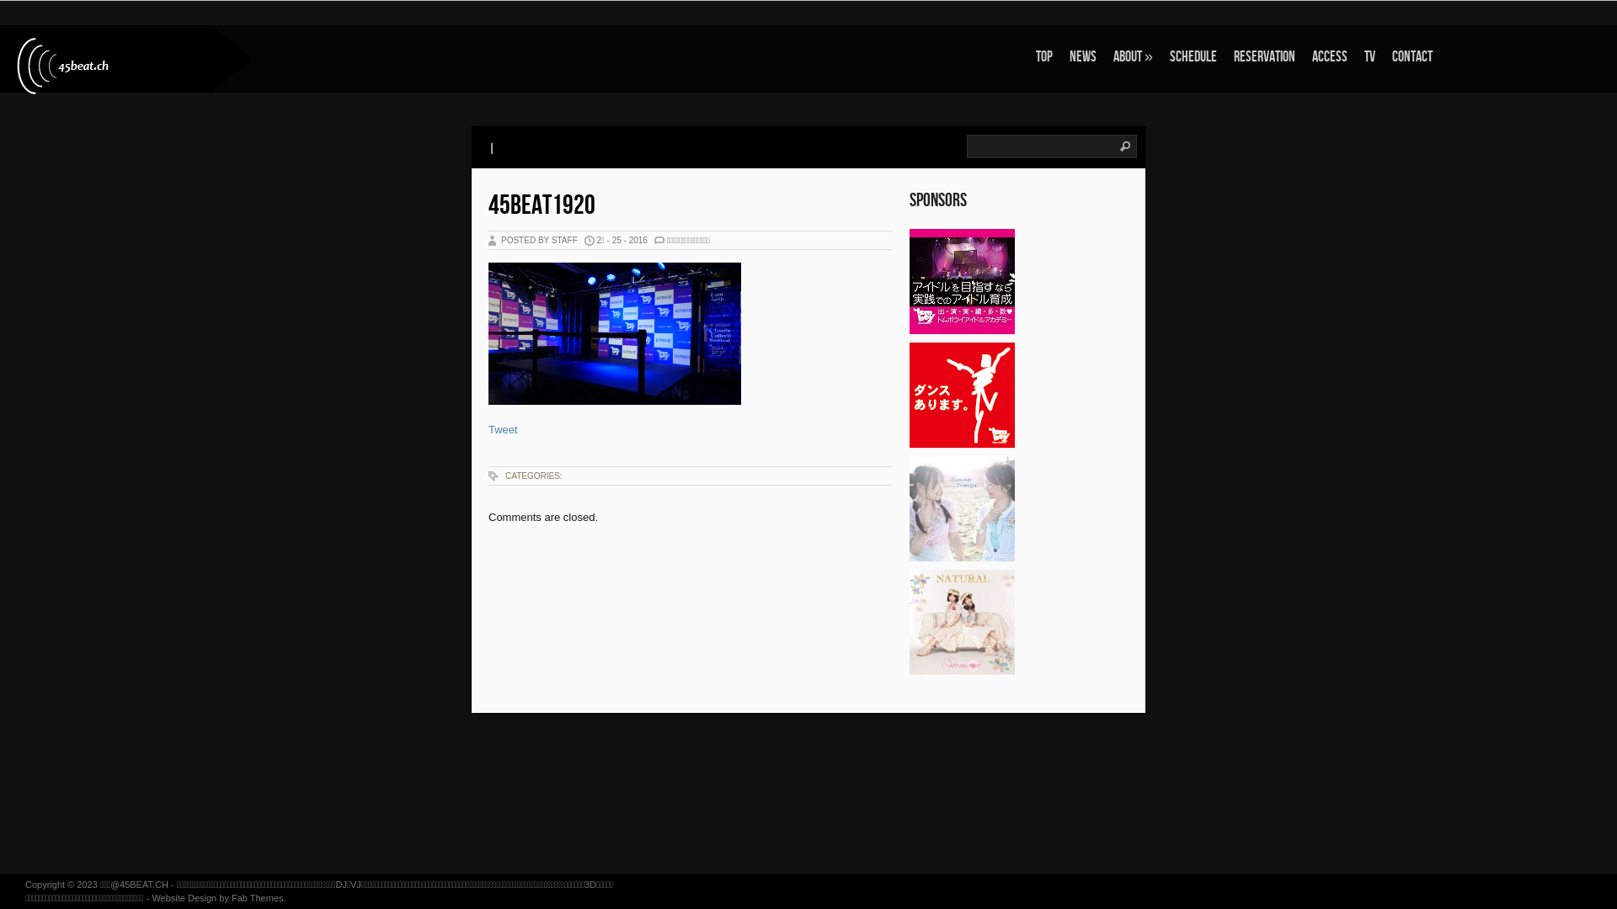  Describe the element at coordinates (1329, 56) in the screenshot. I see `'ACCESS'` at that location.